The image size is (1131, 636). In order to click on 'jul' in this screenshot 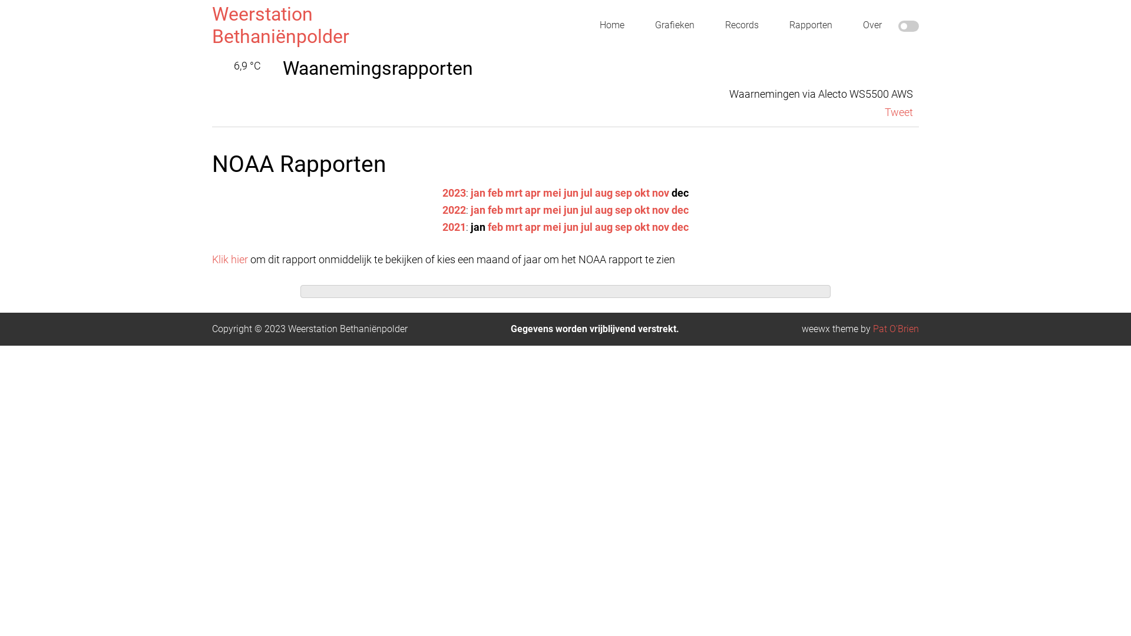, I will do `click(587, 209)`.